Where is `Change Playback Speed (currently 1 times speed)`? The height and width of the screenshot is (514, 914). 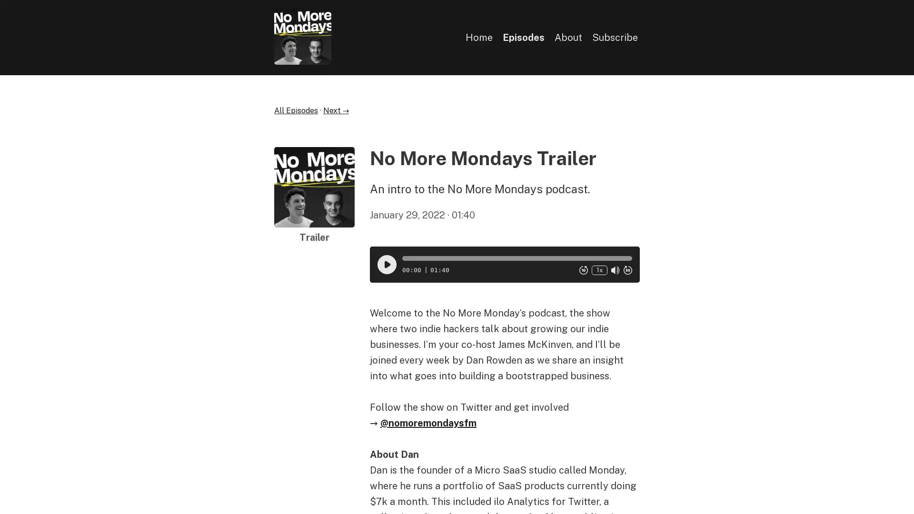 Change Playback Speed (currently 1 times speed) is located at coordinates (598, 270).